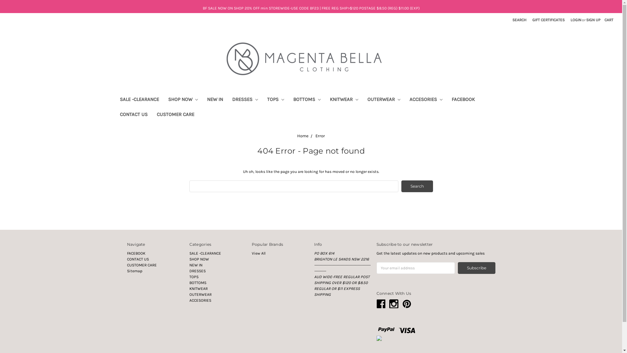 Image resolution: width=627 pixels, height=353 pixels. What do you see at coordinates (307, 100) in the screenshot?
I see `'BOTTOMS'` at bounding box center [307, 100].